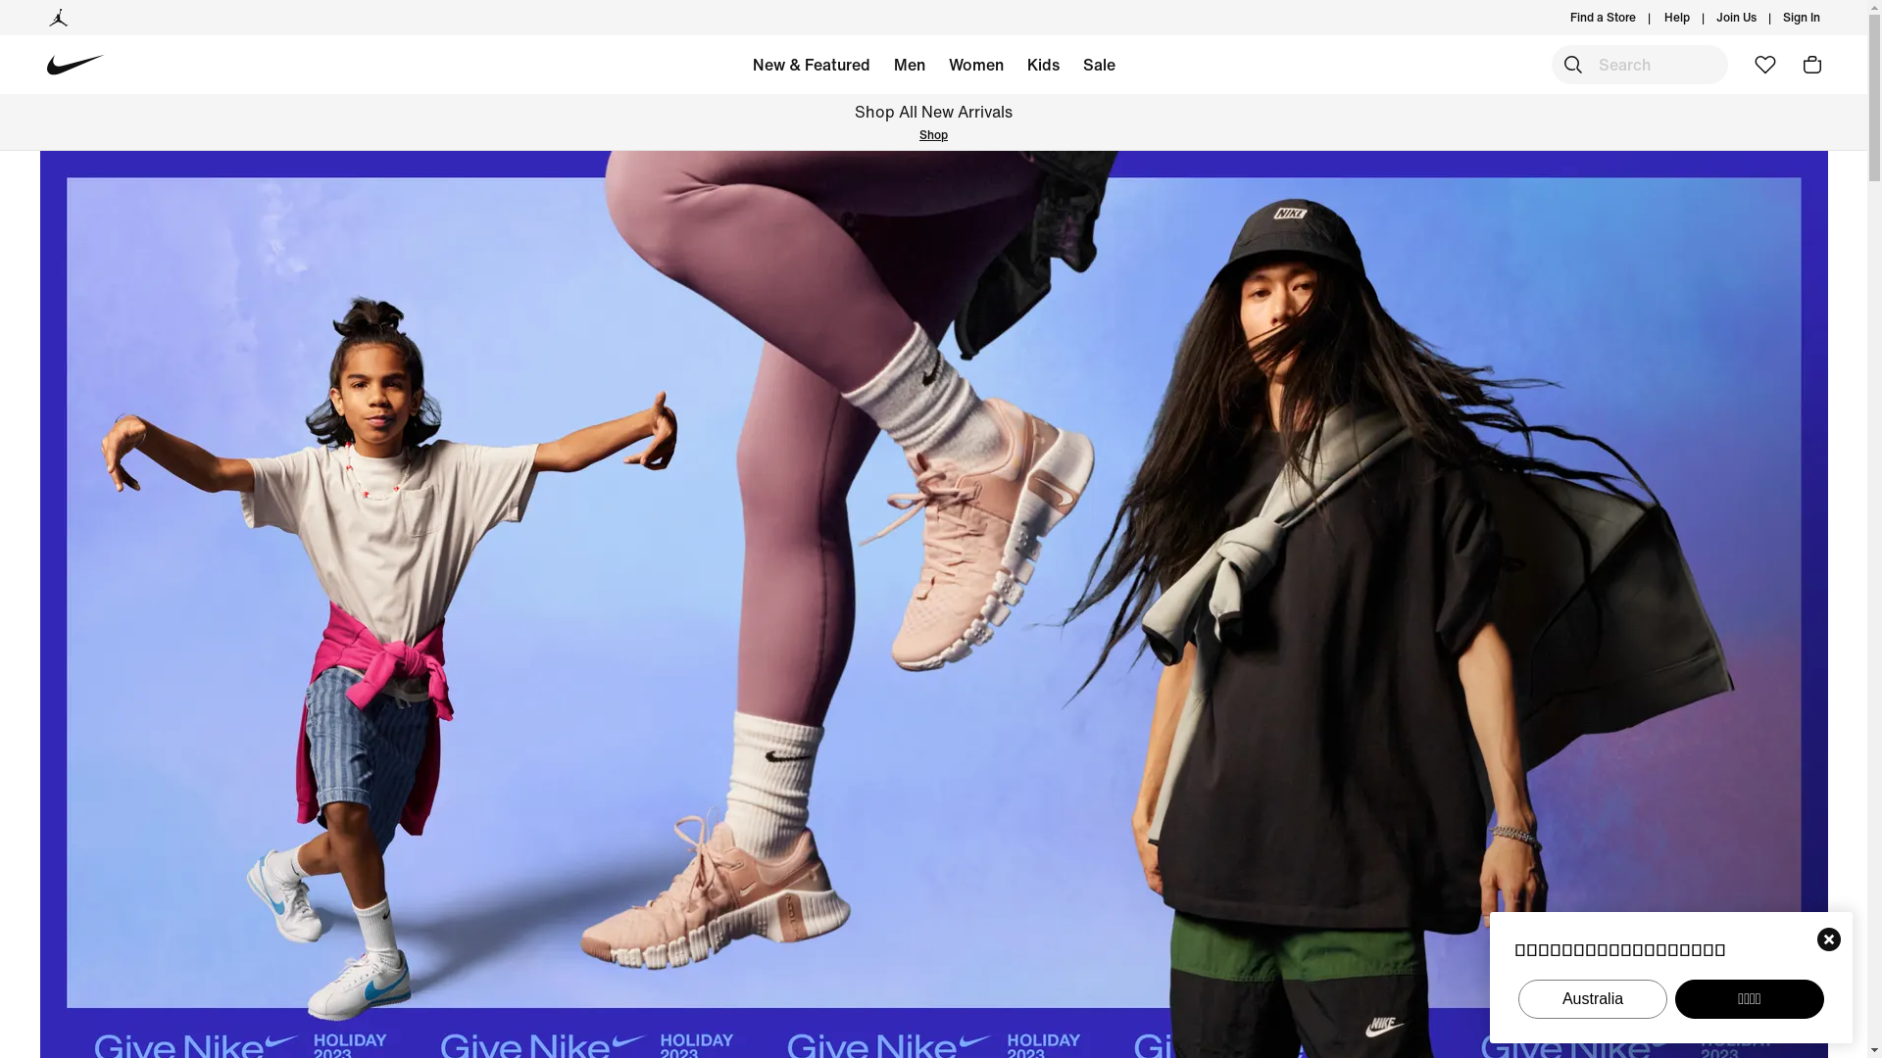 This screenshot has height=1058, width=1882. I want to click on 'Men', so click(881, 67).